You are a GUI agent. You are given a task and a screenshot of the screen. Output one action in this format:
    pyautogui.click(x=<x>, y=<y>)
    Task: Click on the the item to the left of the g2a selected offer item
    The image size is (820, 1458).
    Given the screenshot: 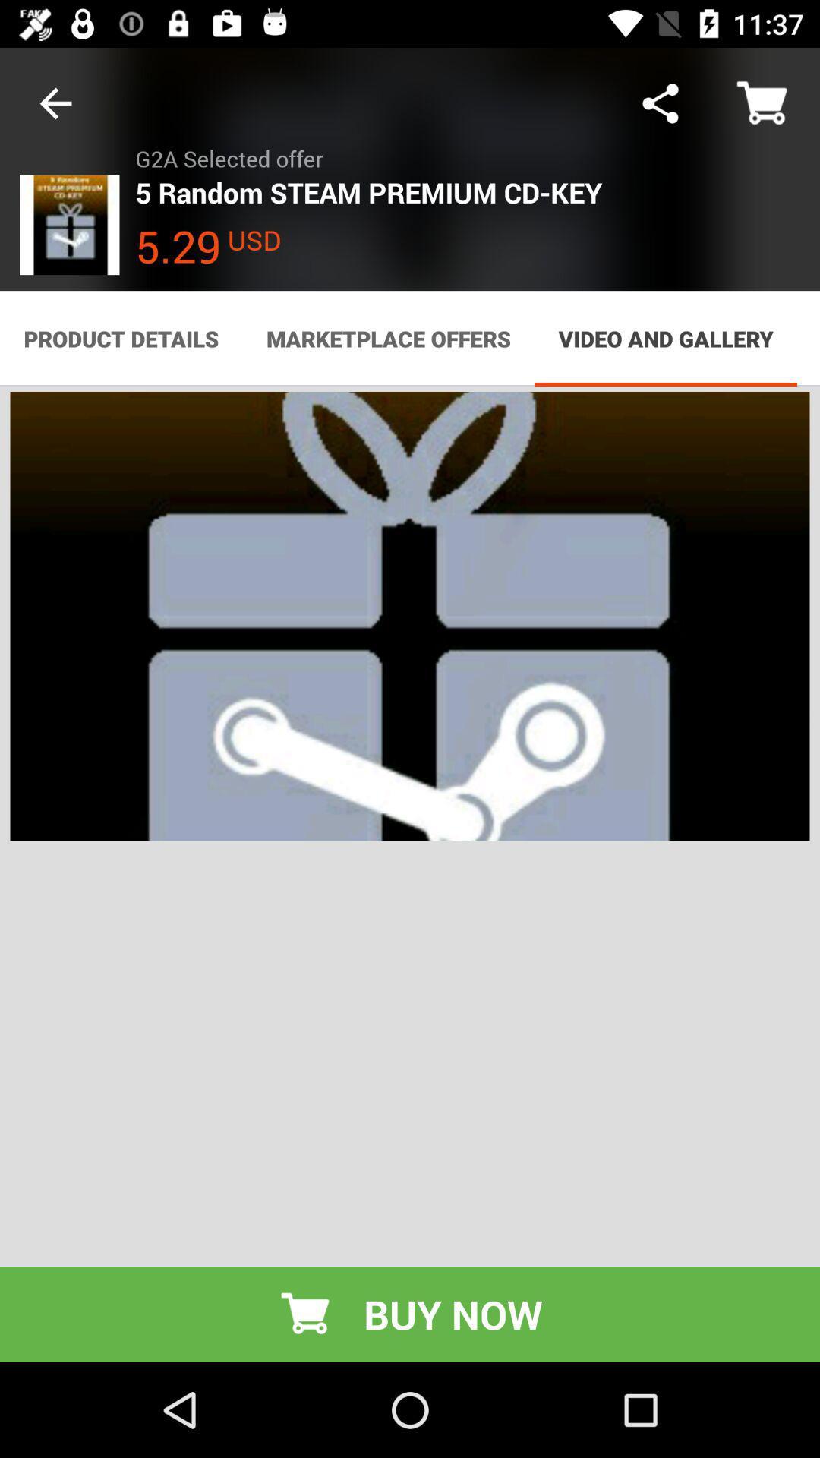 What is the action you would take?
    pyautogui.click(x=55, y=103)
    